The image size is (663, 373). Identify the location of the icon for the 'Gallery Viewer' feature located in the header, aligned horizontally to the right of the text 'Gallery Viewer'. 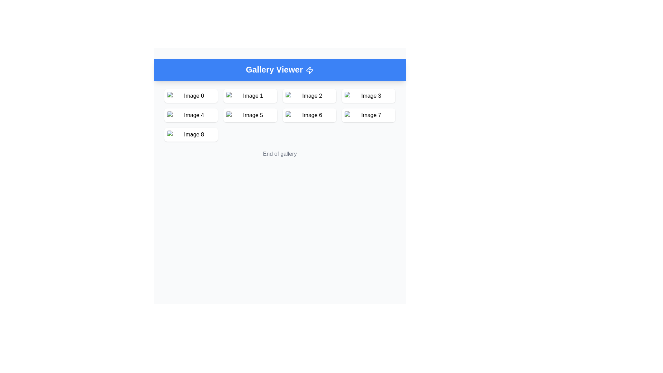
(309, 70).